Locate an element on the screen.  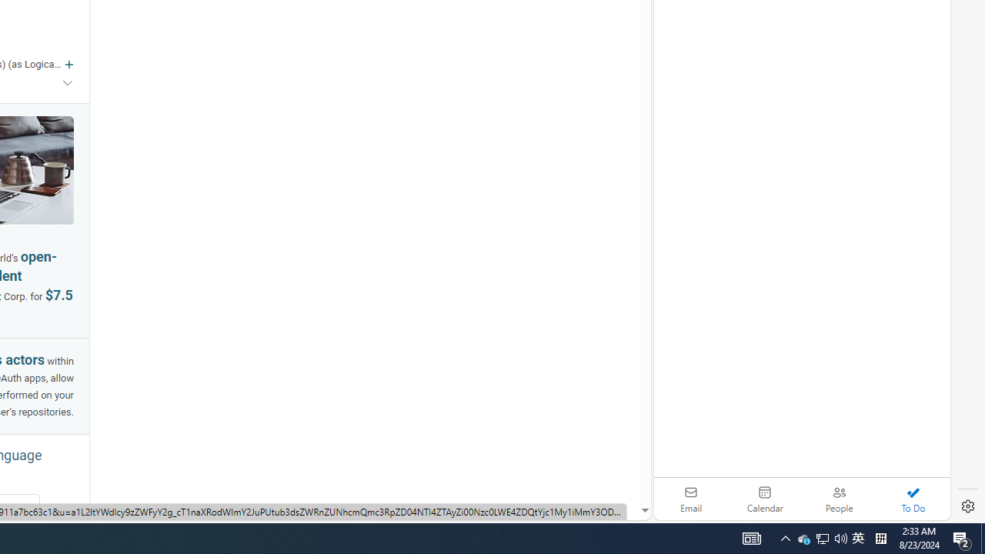
'Email' is located at coordinates (690, 499).